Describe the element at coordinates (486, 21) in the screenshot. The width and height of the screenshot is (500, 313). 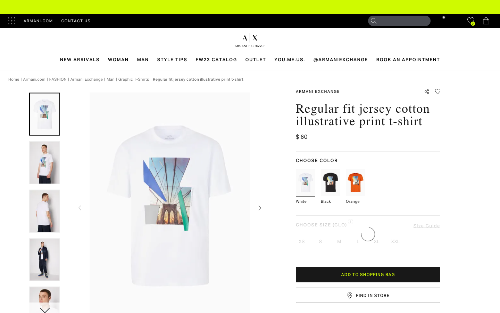
I see `Inspect the items in your basket by selecting the bag icon found in the upper right section of your screen` at that location.